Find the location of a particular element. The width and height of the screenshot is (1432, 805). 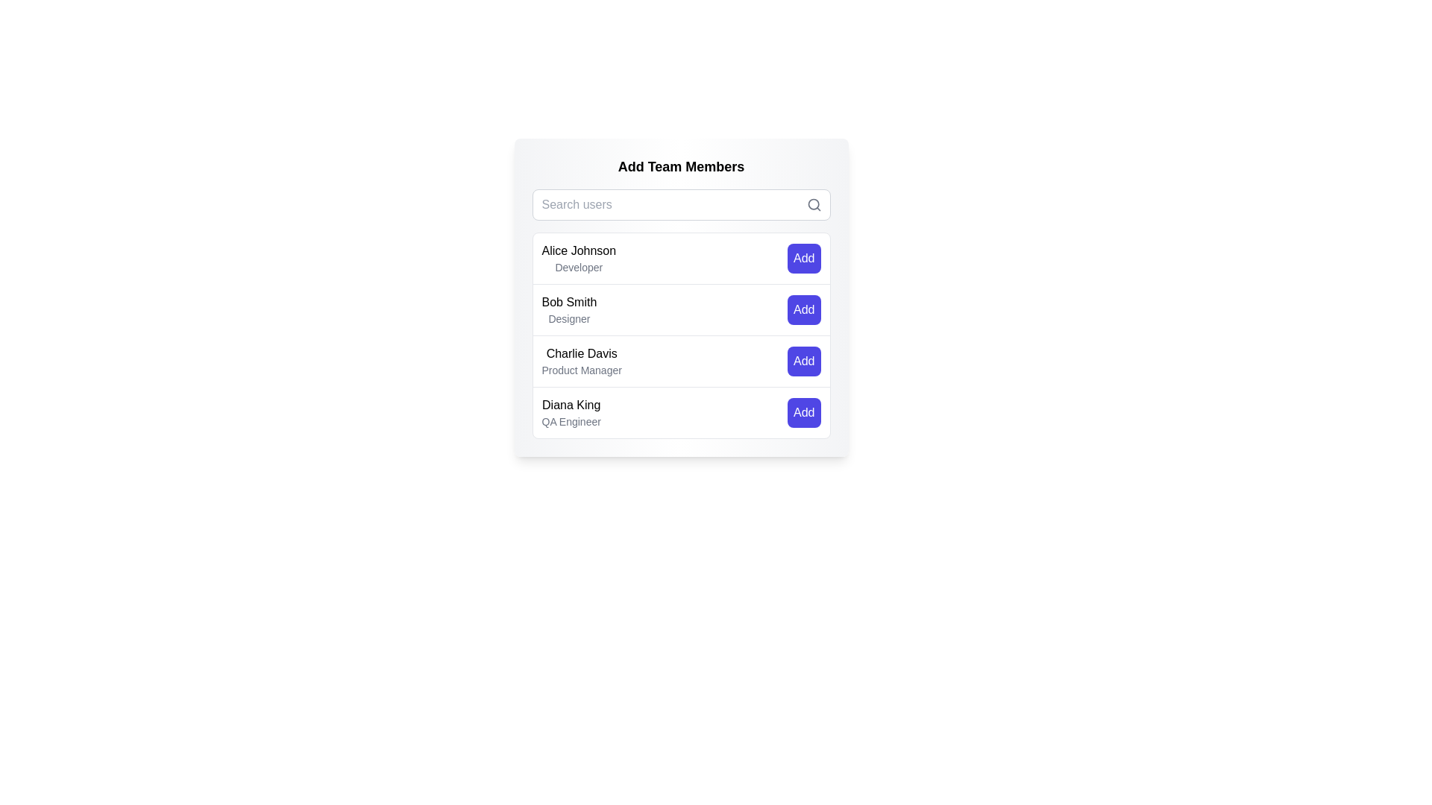

designation displayed in the informational label located beside the blue 'Add' button under the 'Add Team Members' heading is located at coordinates (568, 309).